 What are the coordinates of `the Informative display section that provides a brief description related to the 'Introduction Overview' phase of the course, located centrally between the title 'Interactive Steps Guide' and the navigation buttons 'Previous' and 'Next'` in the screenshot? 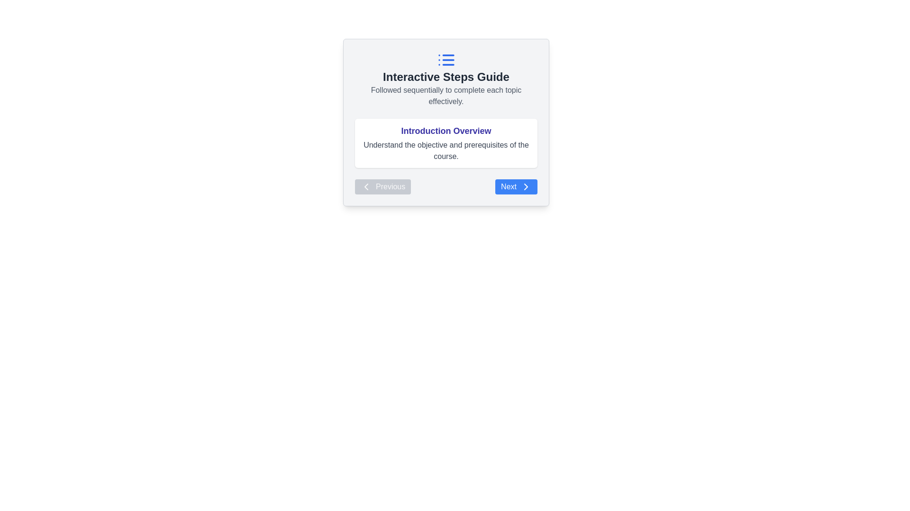 It's located at (446, 122).